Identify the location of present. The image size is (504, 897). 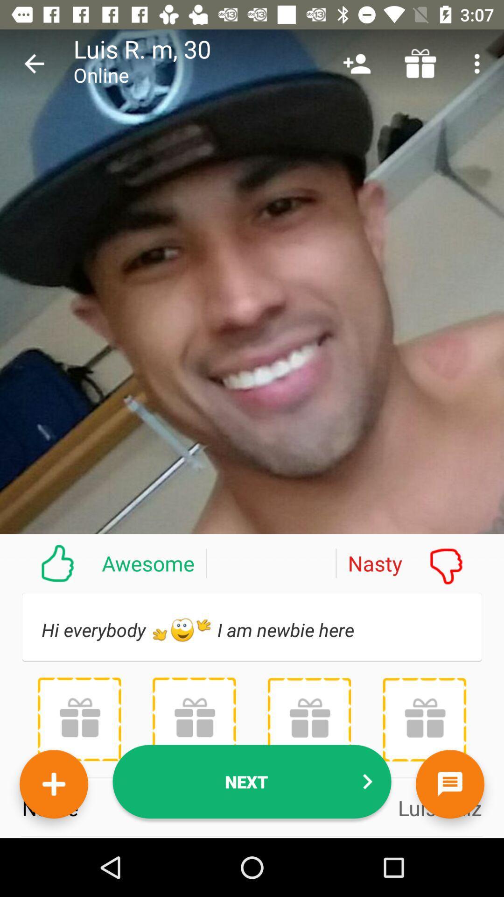
(424, 719).